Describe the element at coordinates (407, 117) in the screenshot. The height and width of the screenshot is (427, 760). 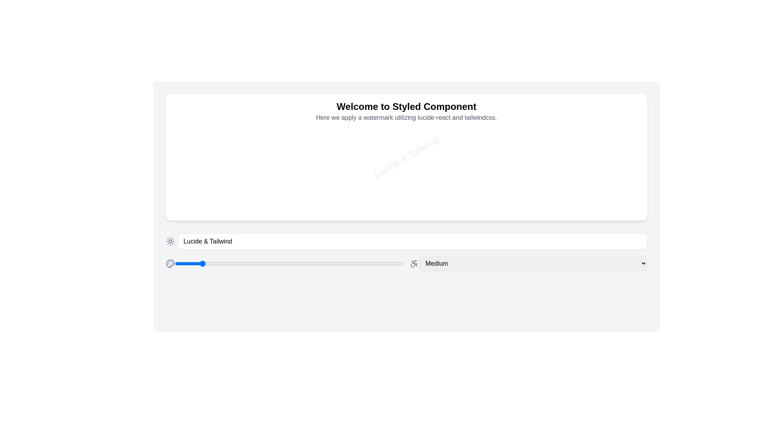
I see `the static text element that reads 'Here we apply a watermark utilizing lucide-react and tailwindcss.' which is styled in gray and positioned beneath the header 'Welcome to Styled Component.'` at that location.